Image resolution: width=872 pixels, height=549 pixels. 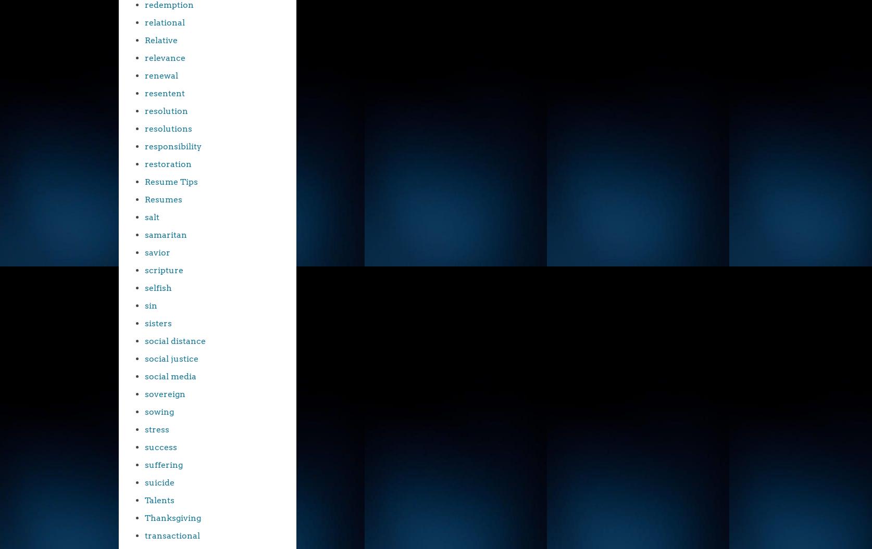 I want to click on 'scripture', so click(x=144, y=270).